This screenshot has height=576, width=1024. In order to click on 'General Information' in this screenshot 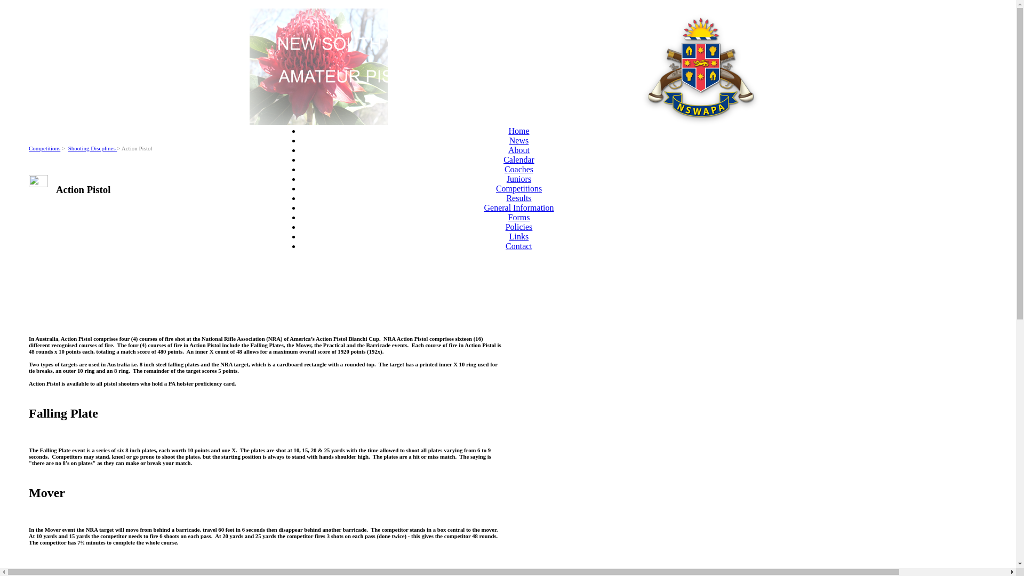, I will do `click(518, 207)`.